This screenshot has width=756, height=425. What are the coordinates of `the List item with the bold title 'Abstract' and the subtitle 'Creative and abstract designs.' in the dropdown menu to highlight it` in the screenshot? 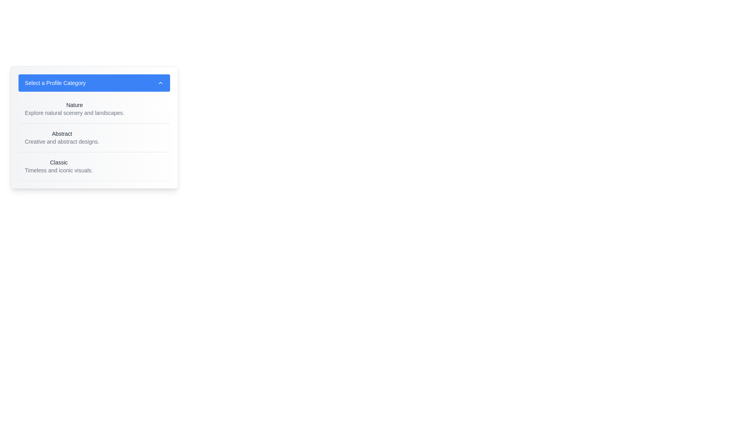 It's located at (94, 137).